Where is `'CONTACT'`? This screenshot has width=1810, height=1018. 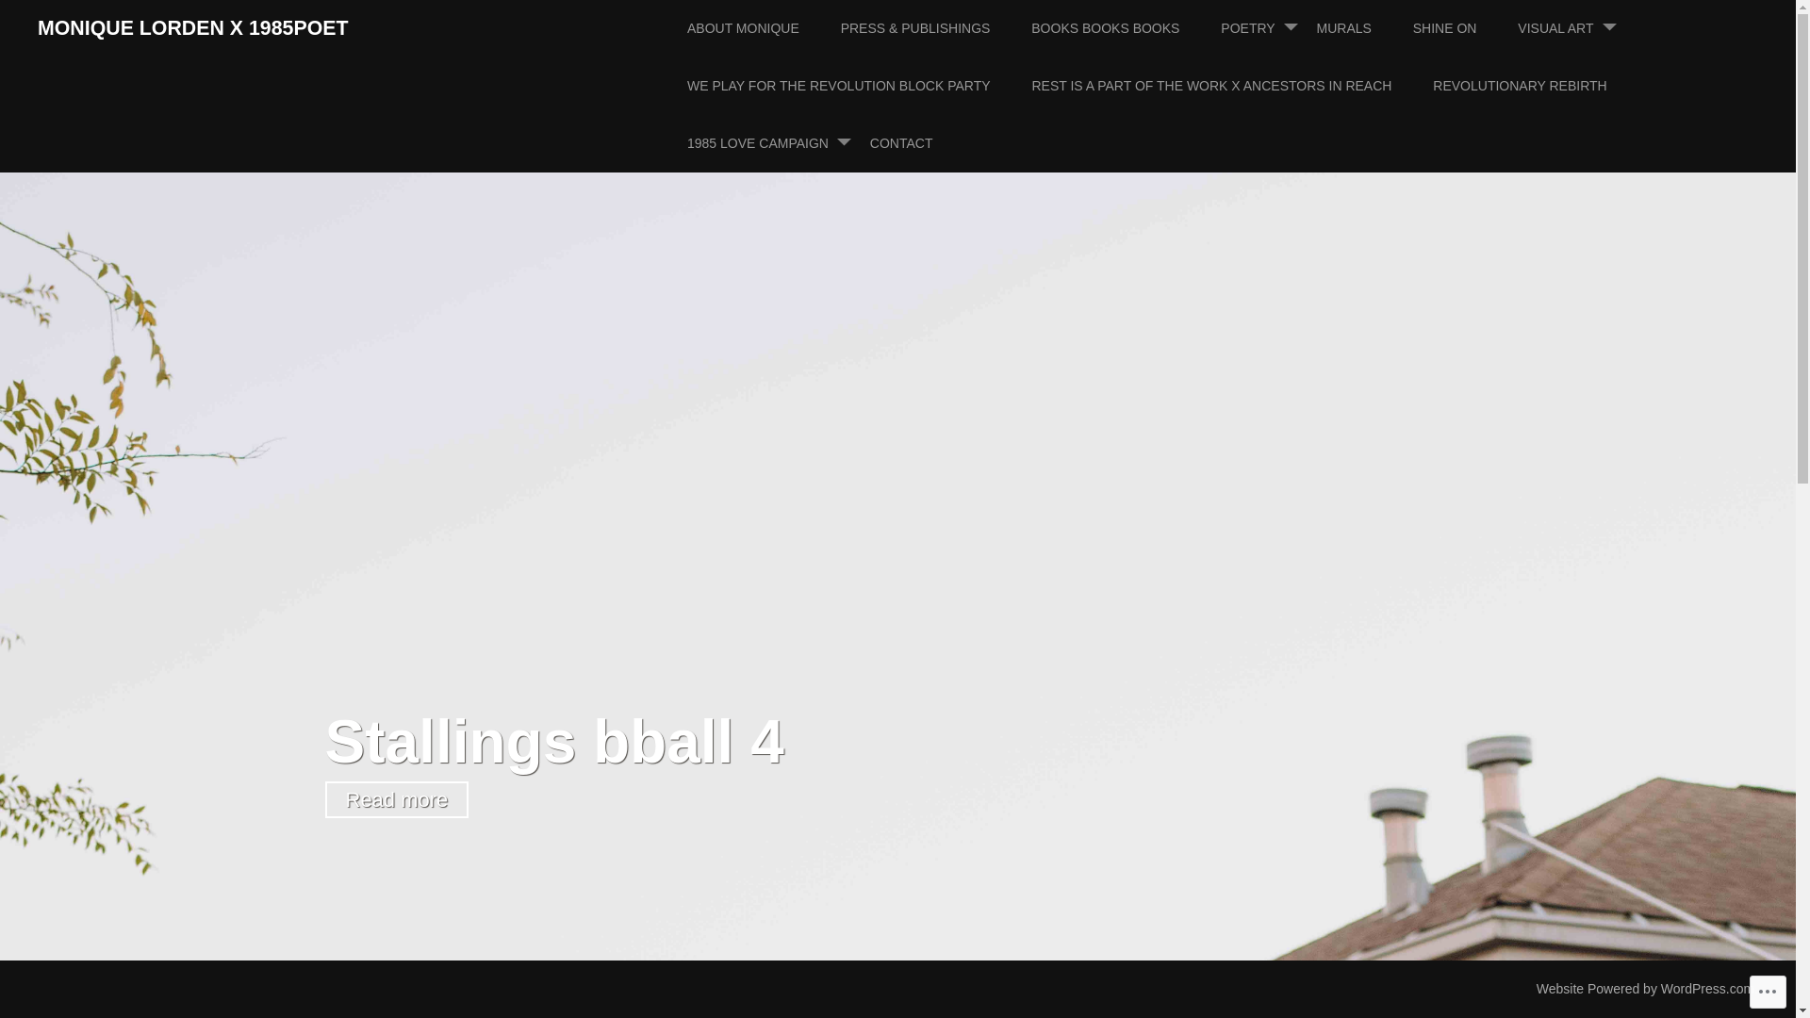
'CONTACT' is located at coordinates (920, 142).